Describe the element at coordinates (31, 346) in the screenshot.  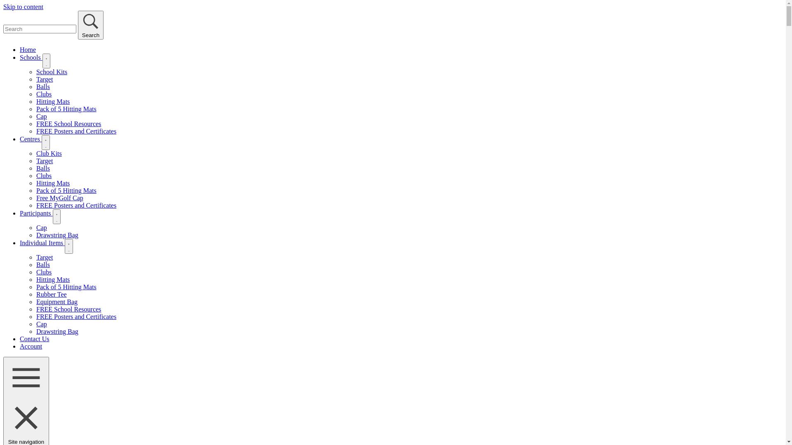
I see `'Account'` at that location.